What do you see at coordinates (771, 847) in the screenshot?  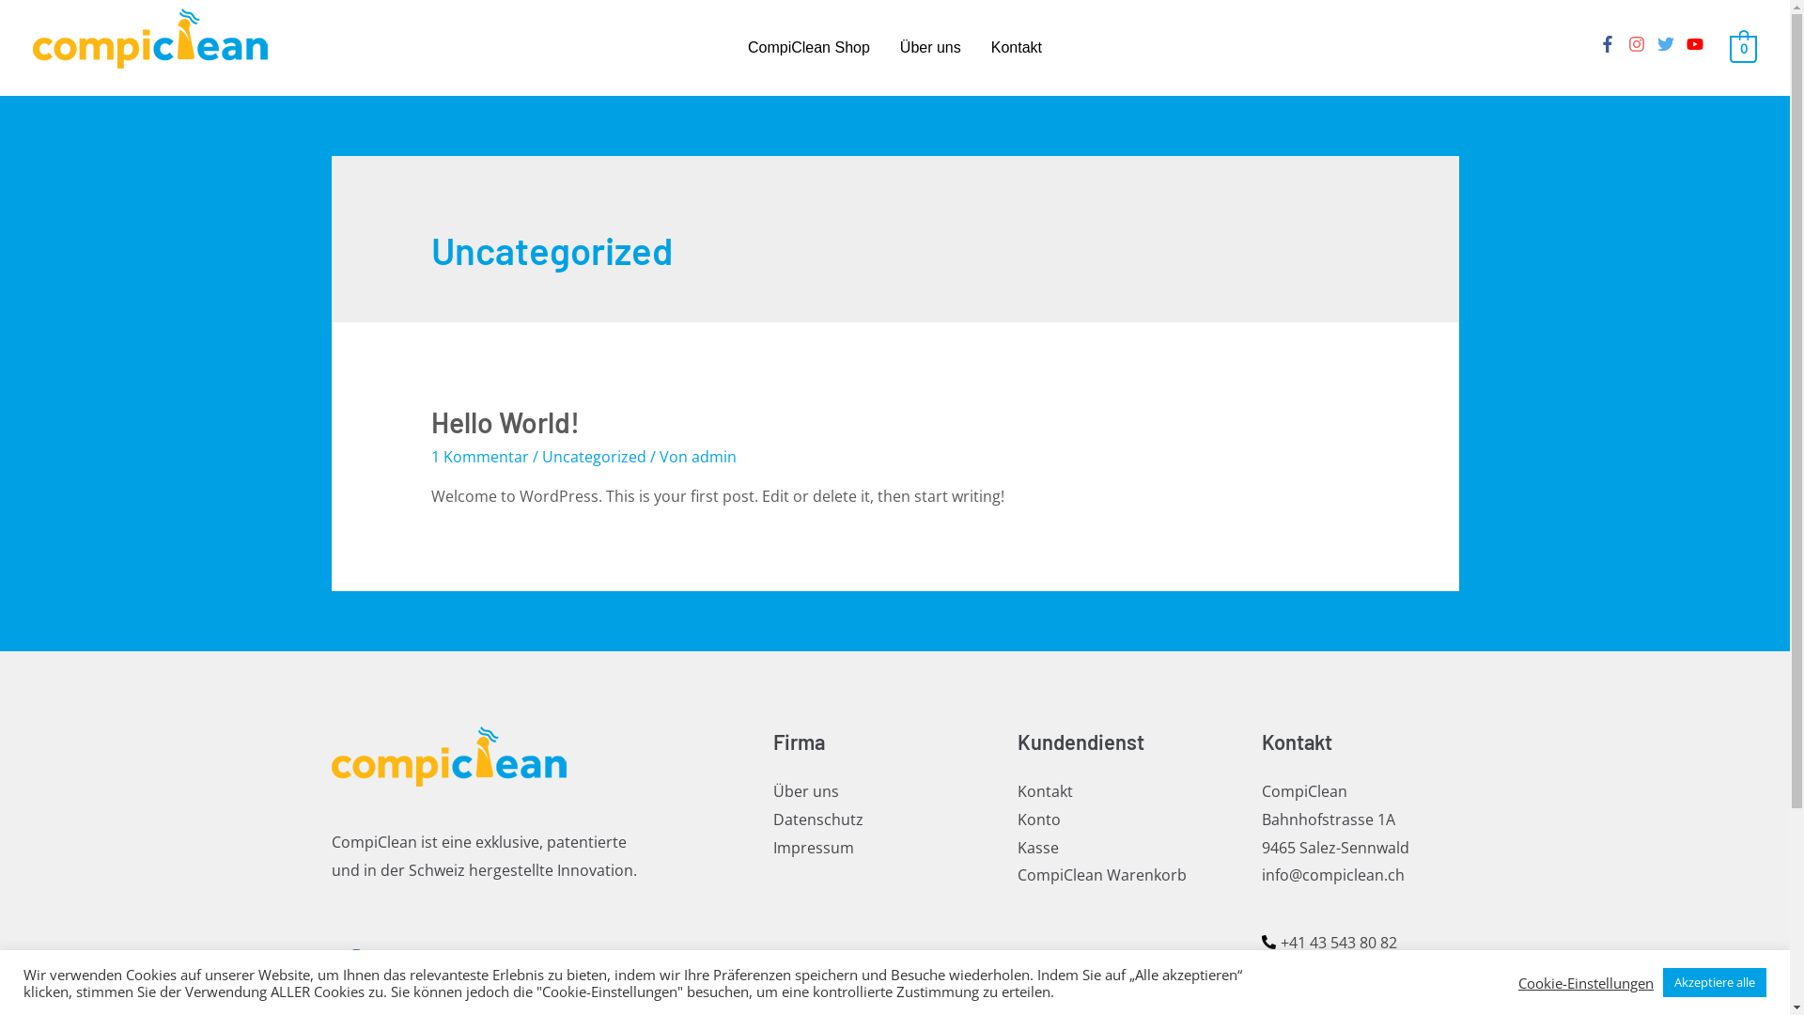 I see `'Impressum'` at bounding box center [771, 847].